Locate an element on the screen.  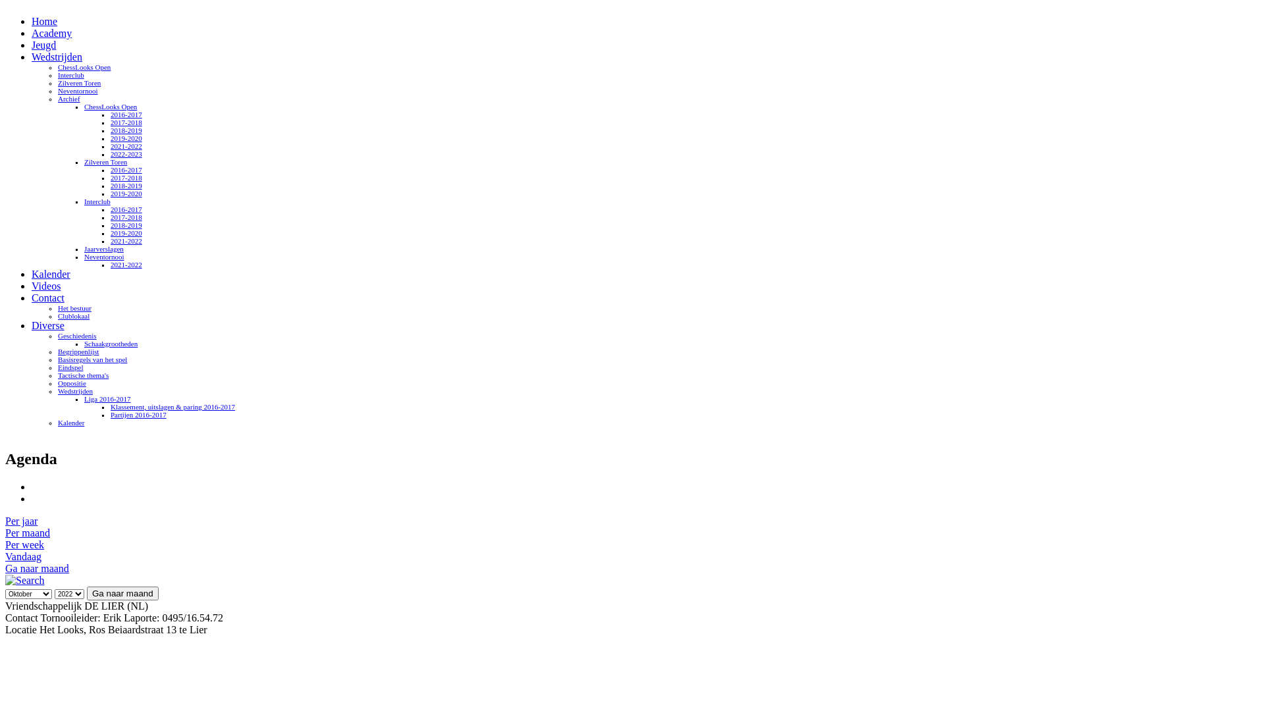
'Archief' is located at coordinates (68, 98).